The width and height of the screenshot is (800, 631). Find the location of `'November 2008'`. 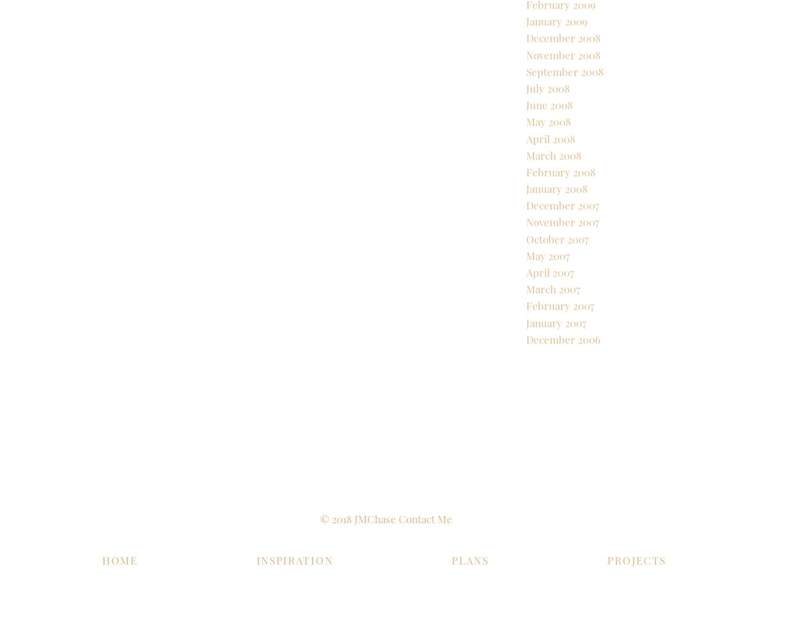

'November 2008' is located at coordinates (526, 96).